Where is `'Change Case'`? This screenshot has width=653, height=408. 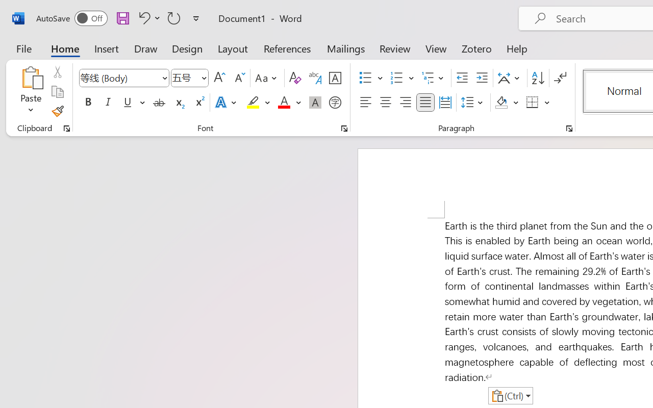
'Change Case' is located at coordinates (267, 78).